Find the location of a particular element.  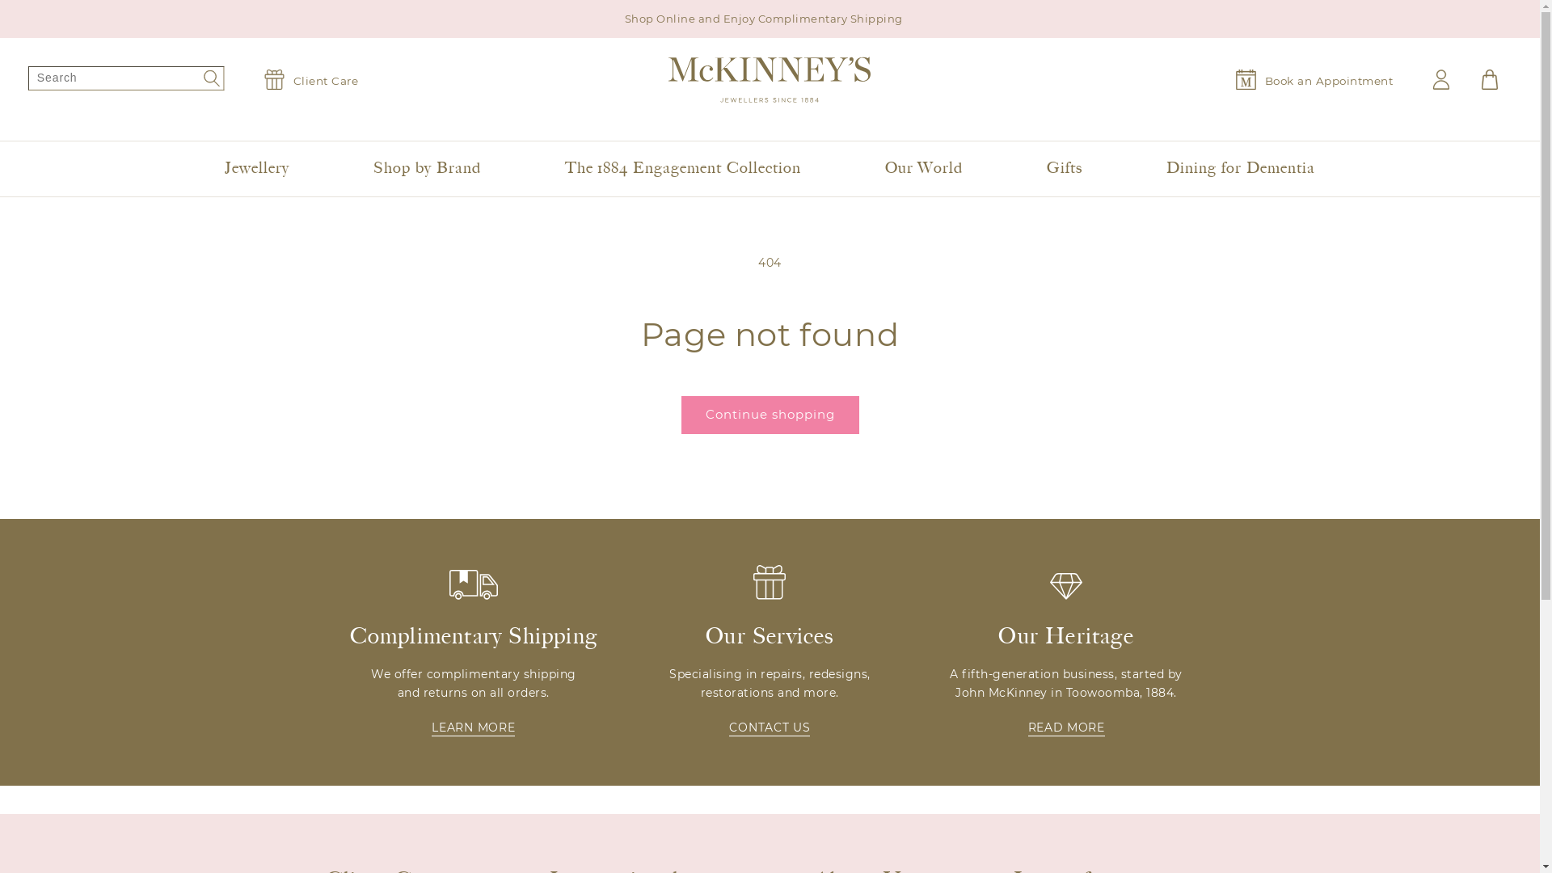

'LEARN MORE' is located at coordinates (472, 728).